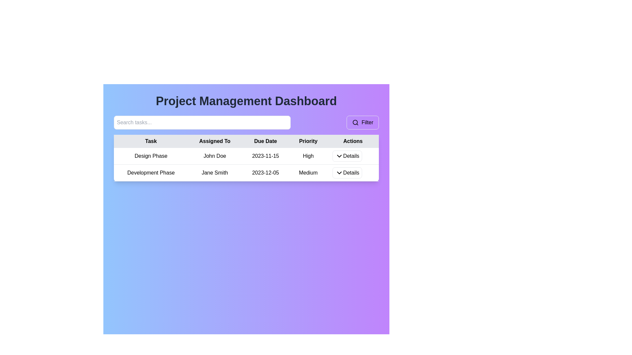  I want to click on the Text header element located at the top of the dashboard, which serves as the title and provides context about the page, so click(246, 101).